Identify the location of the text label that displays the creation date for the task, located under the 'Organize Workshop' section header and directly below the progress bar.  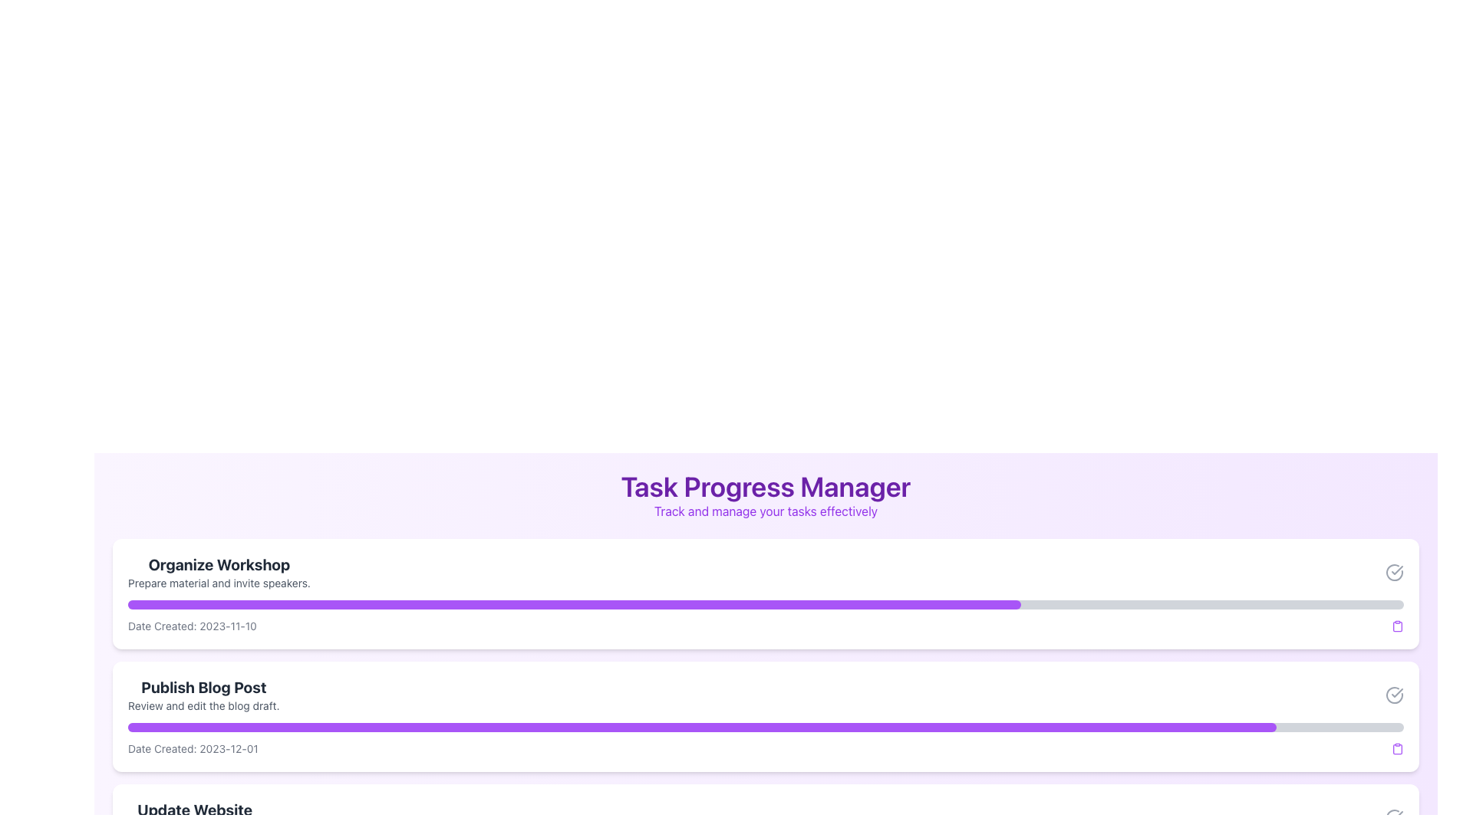
(191, 626).